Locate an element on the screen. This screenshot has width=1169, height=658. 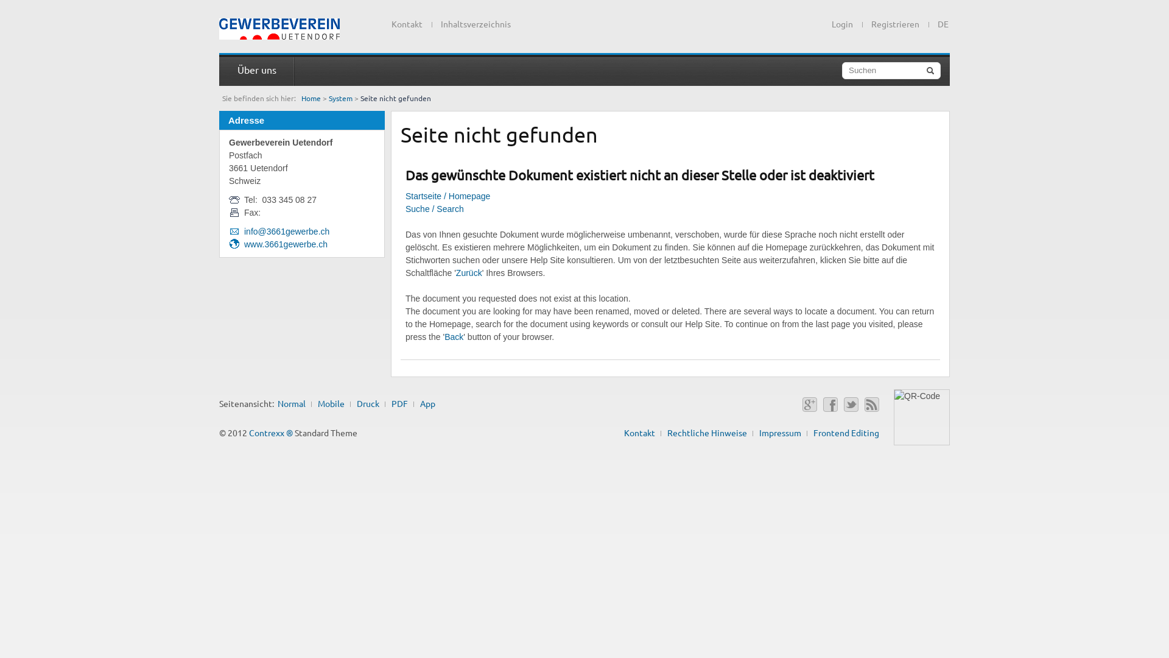
'Druck' is located at coordinates (367, 403).